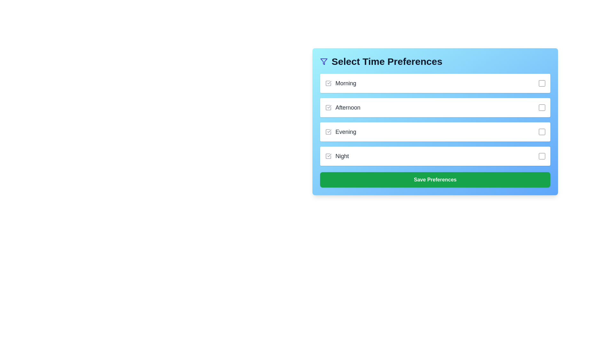 The image size is (614, 345). I want to click on the checkboxes within the composite form component, so click(435, 122).